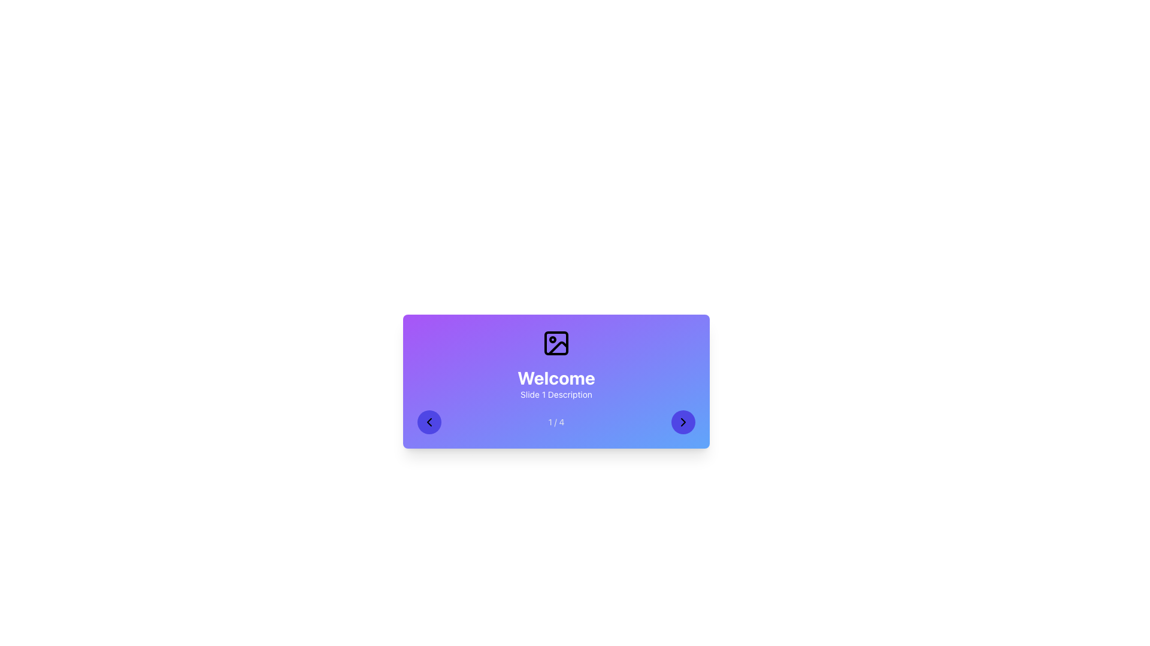 The image size is (1150, 646). Describe the element at coordinates (683, 421) in the screenshot. I see `the right-facing chevron SVG icon inside the circular button at the bottom-right corner of the card` at that location.